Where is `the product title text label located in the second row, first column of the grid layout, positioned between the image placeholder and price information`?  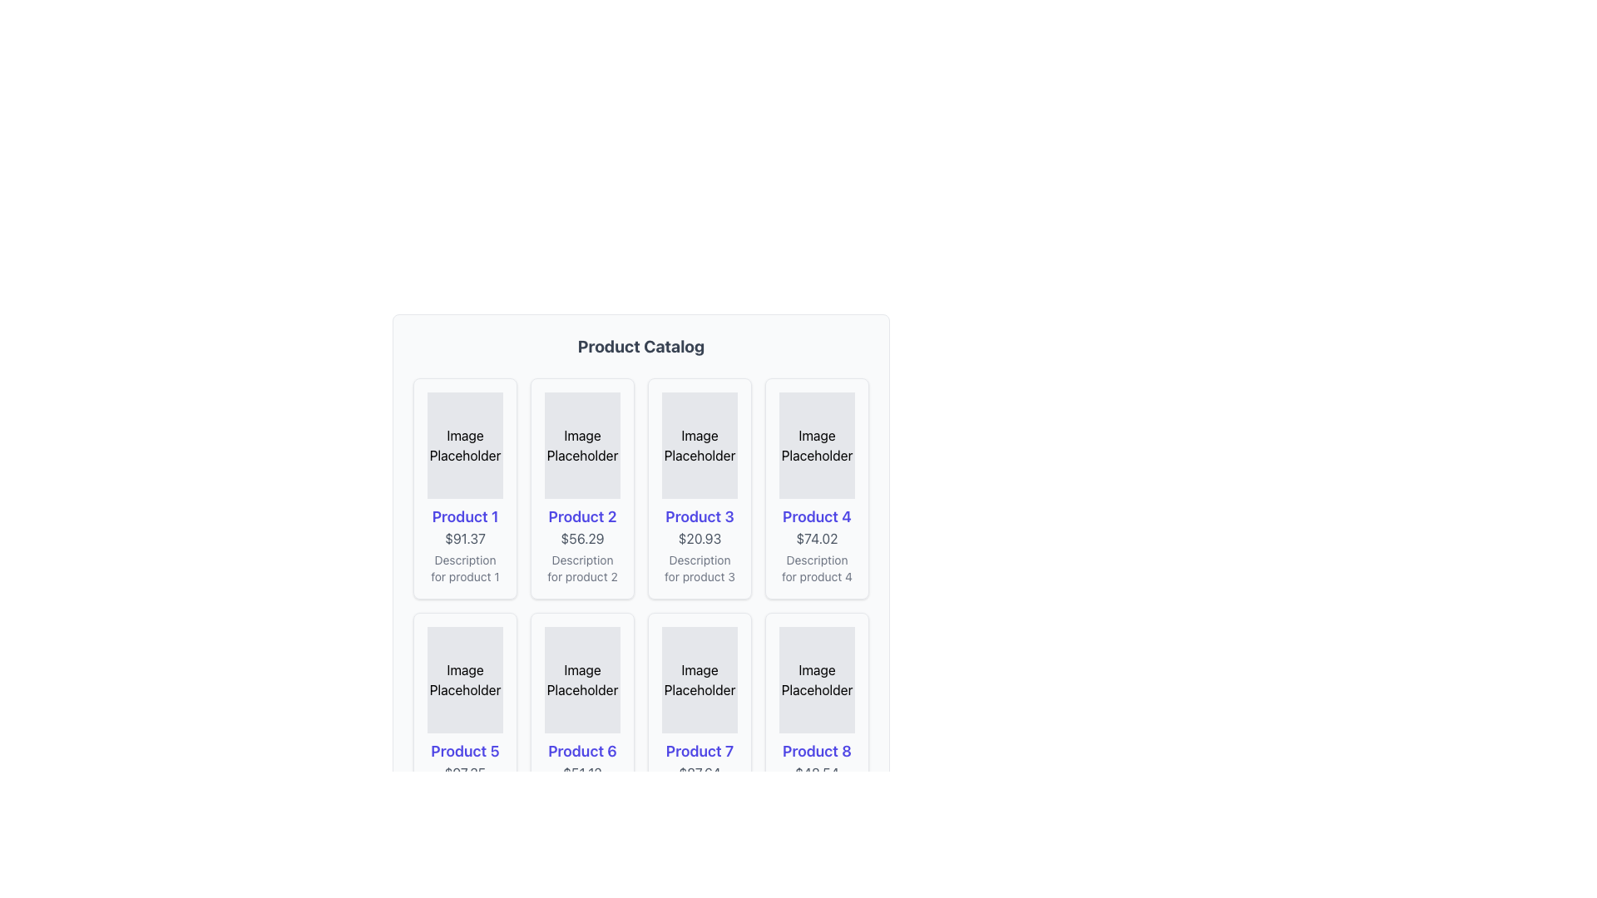
the product title text label located in the second row, first column of the grid layout, positioned between the image placeholder and price information is located at coordinates (465, 751).